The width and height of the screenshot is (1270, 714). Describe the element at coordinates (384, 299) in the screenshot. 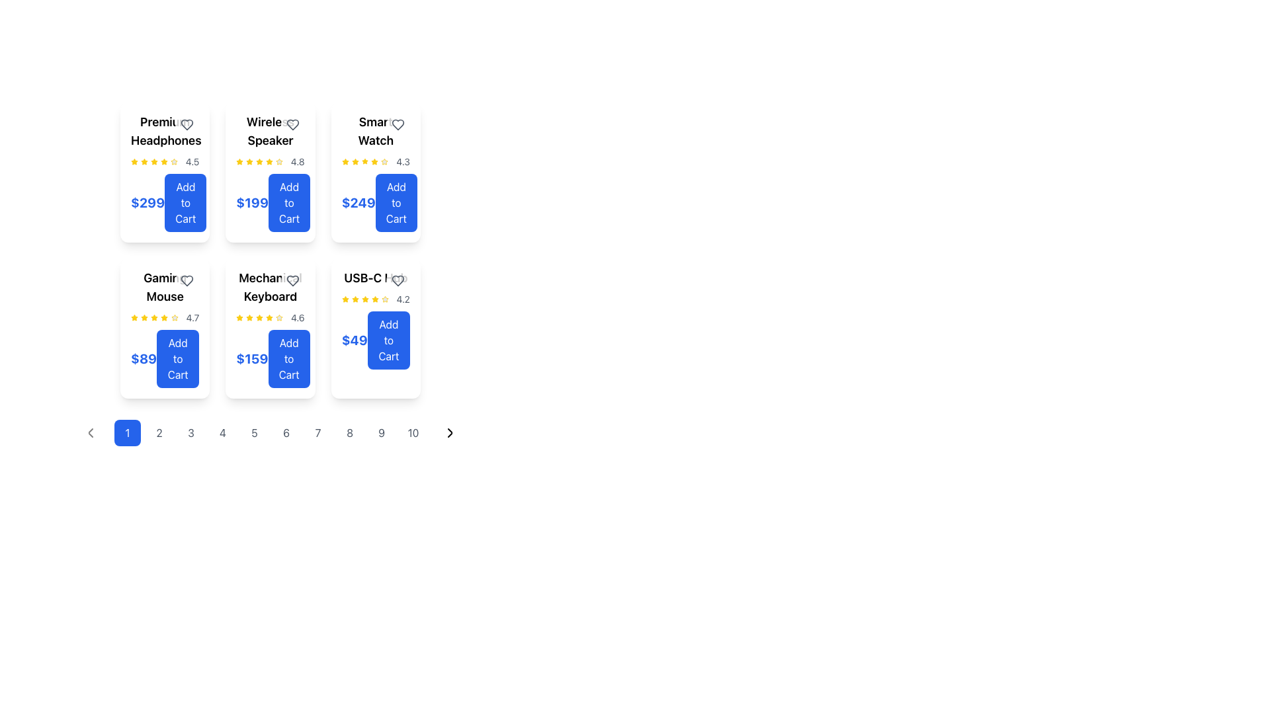

I see `the fifth star in the five-star rating system for the product titled 'USB-C H', which visually represents the highest rating level` at that location.